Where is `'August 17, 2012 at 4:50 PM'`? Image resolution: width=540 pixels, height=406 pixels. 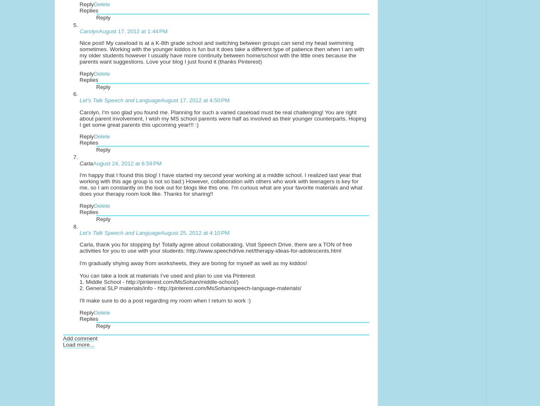
'August 17, 2012 at 4:50 PM' is located at coordinates (194, 100).